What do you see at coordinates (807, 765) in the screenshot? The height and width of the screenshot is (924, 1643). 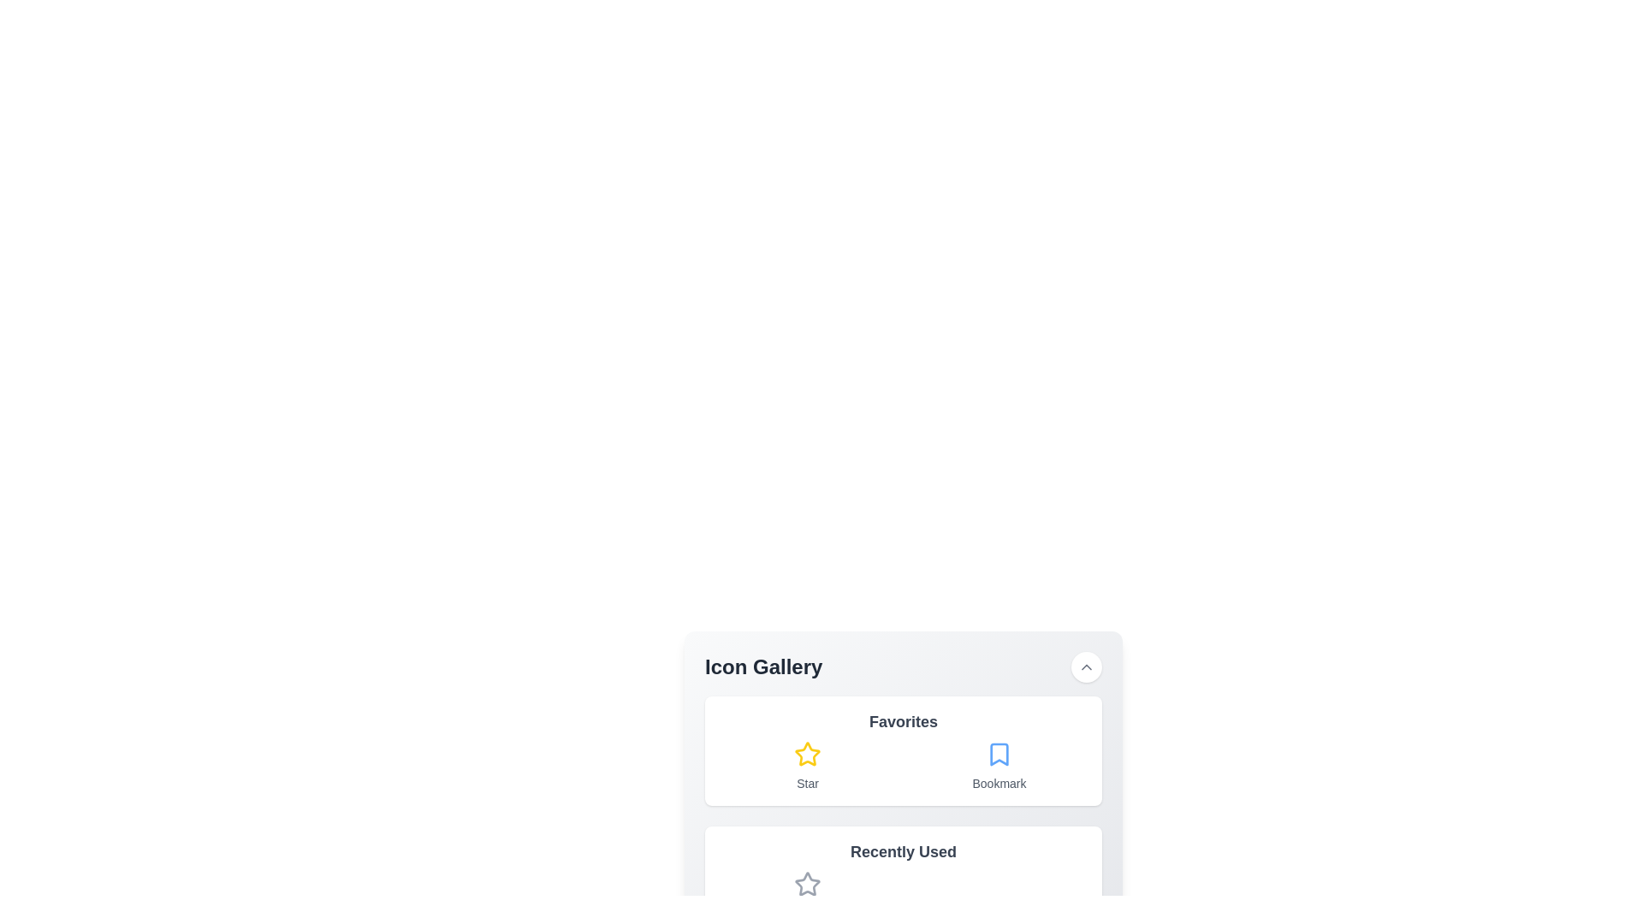 I see `the yellow star icon in the Favorites section of the Icon Gallery` at bounding box center [807, 765].